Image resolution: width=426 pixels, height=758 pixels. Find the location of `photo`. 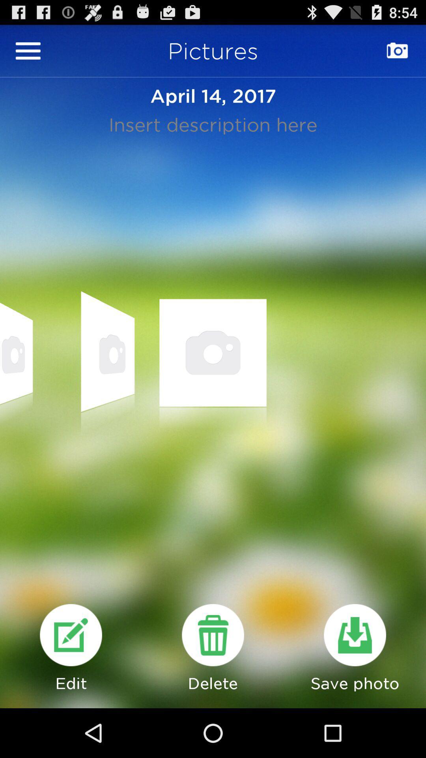

photo is located at coordinates (354, 635).